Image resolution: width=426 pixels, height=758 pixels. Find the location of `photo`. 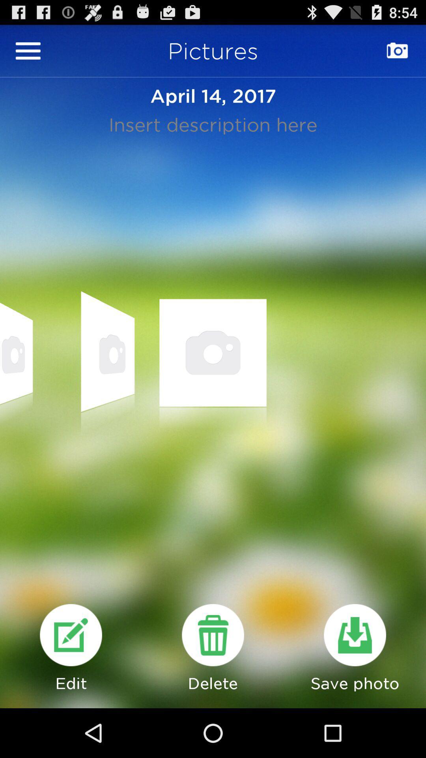

photo is located at coordinates (354, 635).